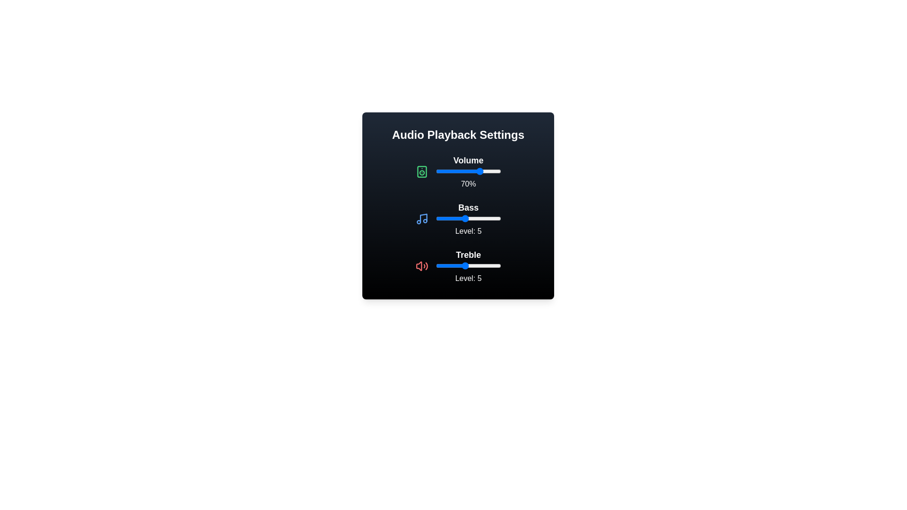 The height and width of the screenshot is (510, 907). I want to click on and drag the volume slider knob located directly under the 'Volume' label and above the '70%' text to adjust the audio playback volume level, so click(468, 171).